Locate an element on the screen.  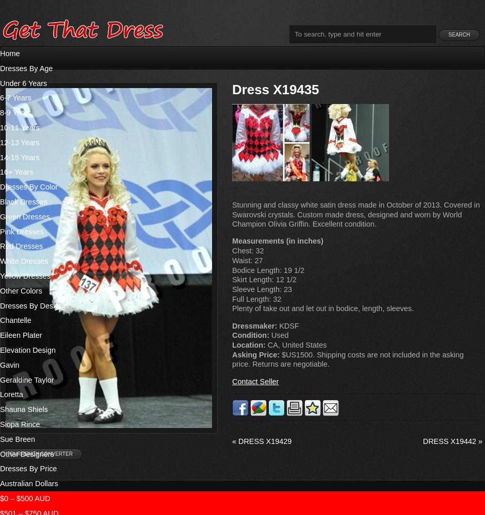
'Dresses By Price' is located at coordinates (0, 469).